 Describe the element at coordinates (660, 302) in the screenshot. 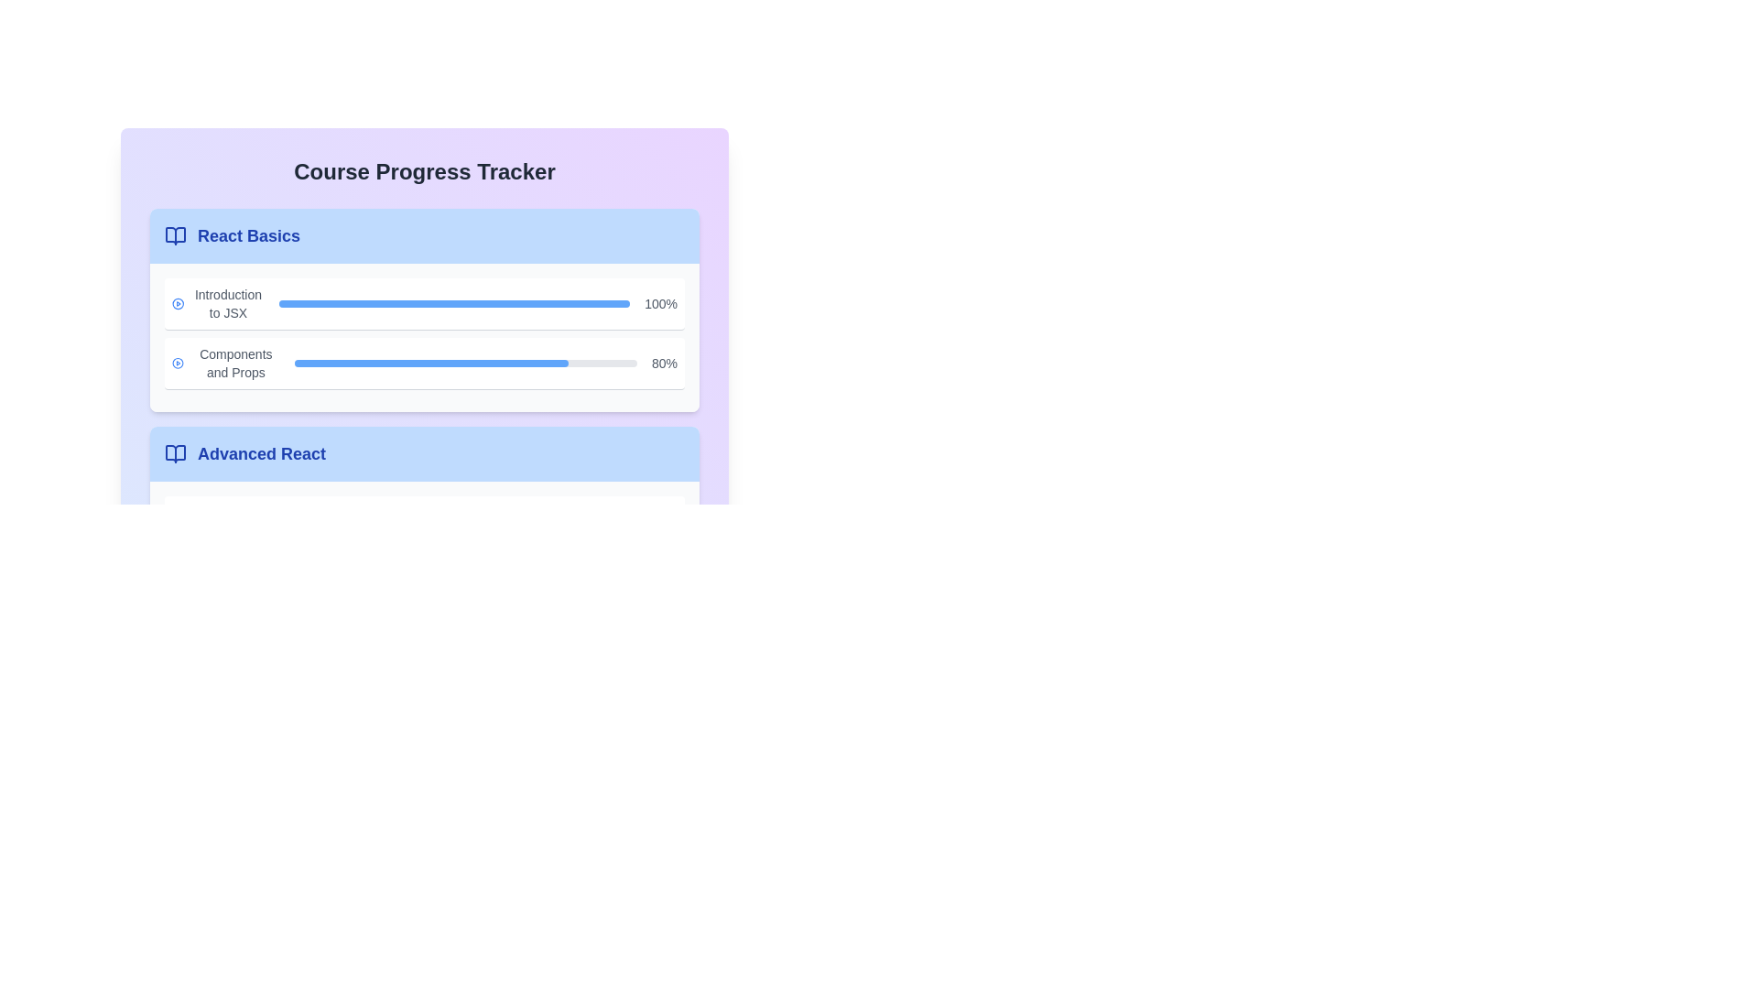

I see `numeric percentage label displaying '100%' located in the top-right corner of the card-like section, positioned to the right of the progress bar` at that location.